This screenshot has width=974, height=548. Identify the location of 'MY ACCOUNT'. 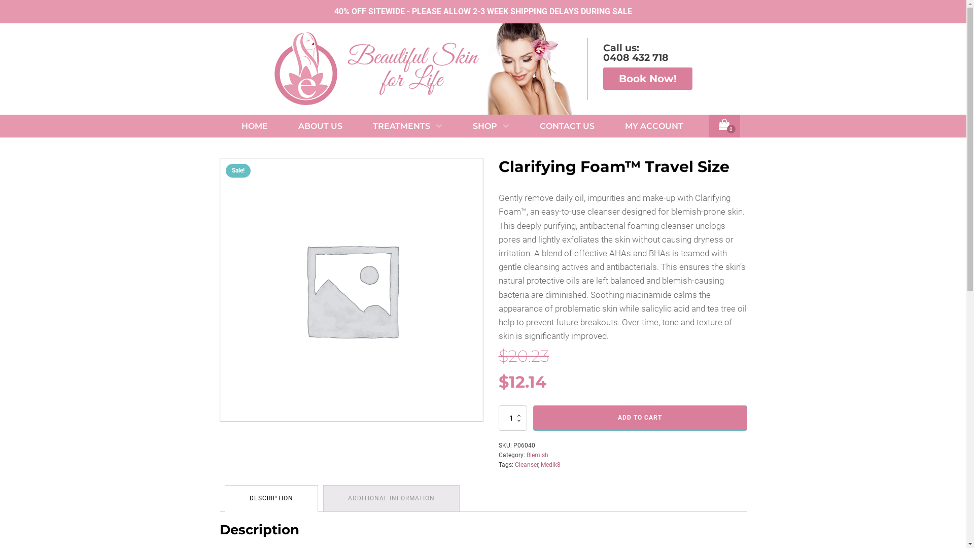
(654, 126).